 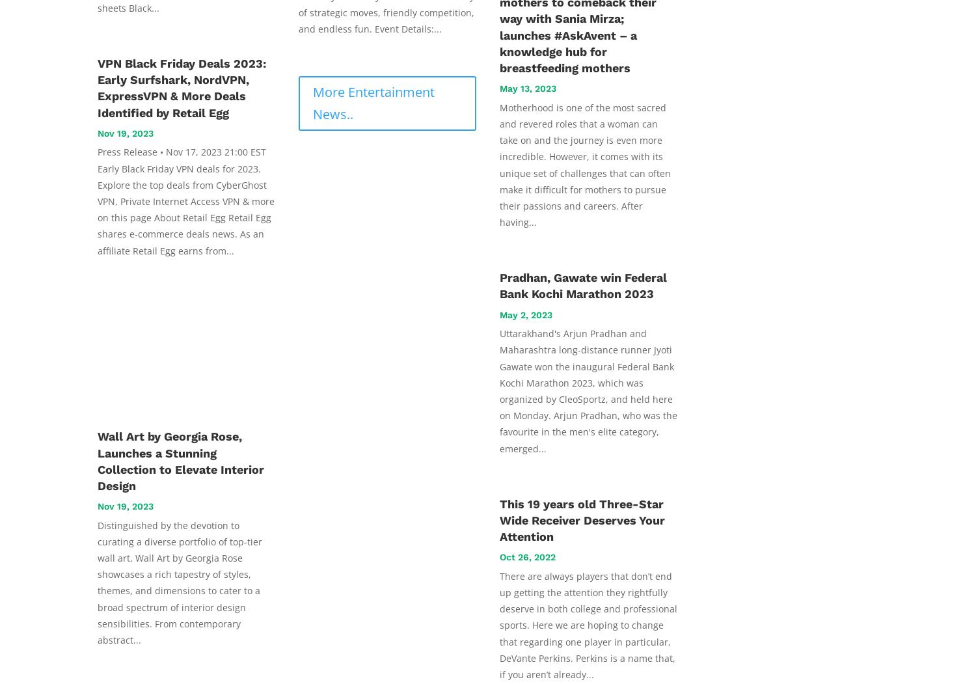 What do you see at coordinates (500, 519) in the screenshot?
I see `'This 19 years old Three-Star Wide Receiver Deserves Your Attention'` at bounding box center [500, 519].